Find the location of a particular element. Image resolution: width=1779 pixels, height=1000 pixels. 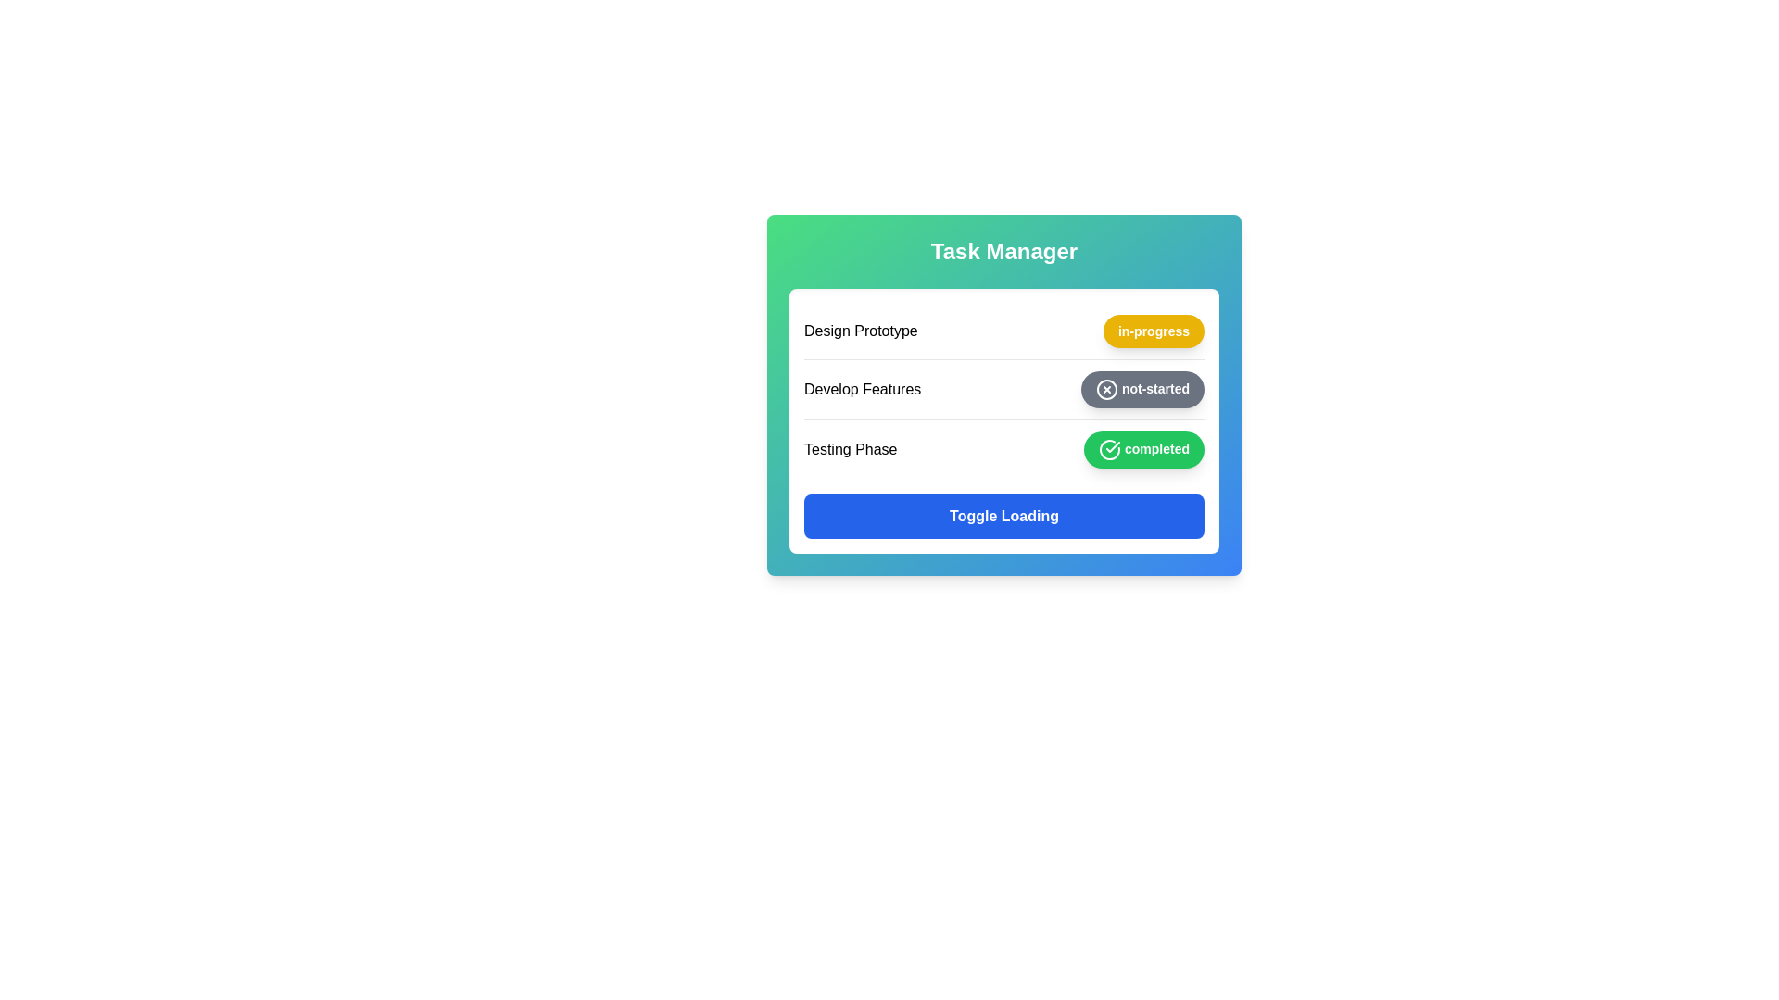

the checkmark icon within the circular background of the 'completed' status label in the task manager interface is located at coordinates (1112, 446).